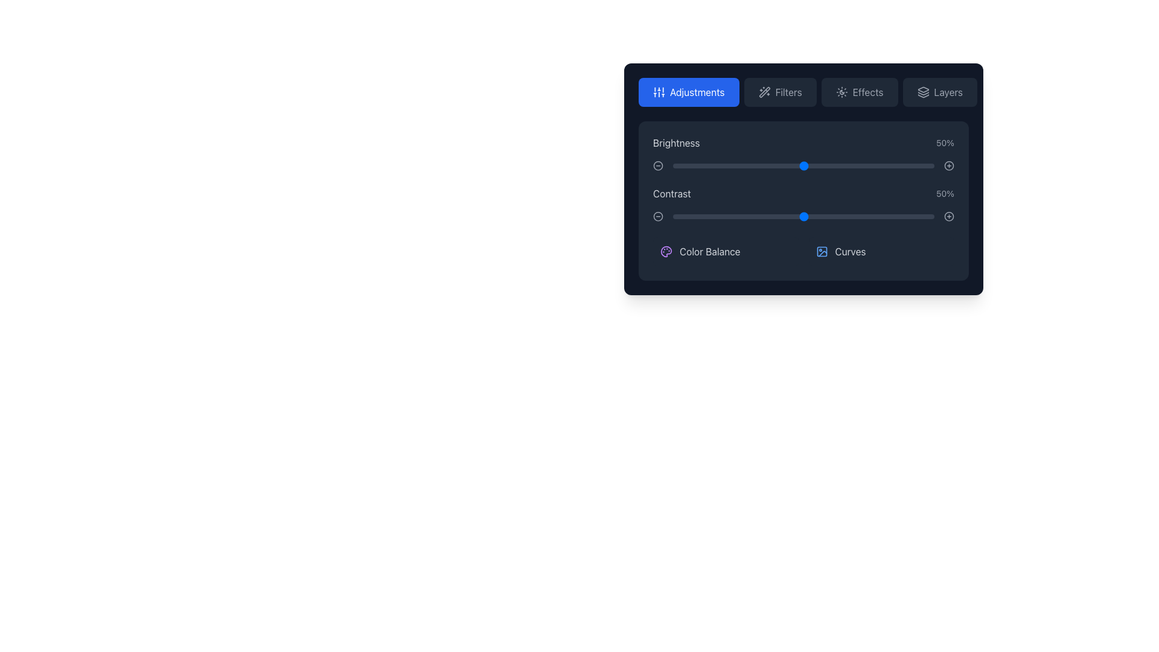  I want to click on the brightness-related settings icon located within the 'Effects' button at the middle-left side of the interface, so click(840, 92).